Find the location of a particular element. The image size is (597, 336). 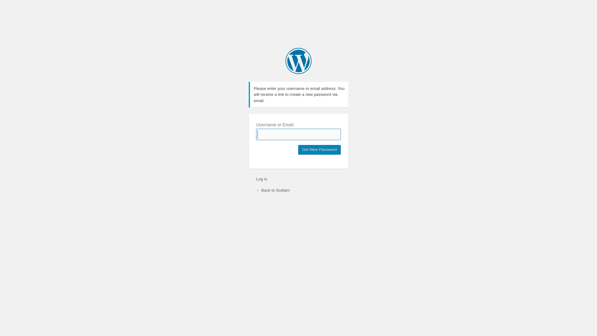

'Log in' is located at coordinates (261, 179).